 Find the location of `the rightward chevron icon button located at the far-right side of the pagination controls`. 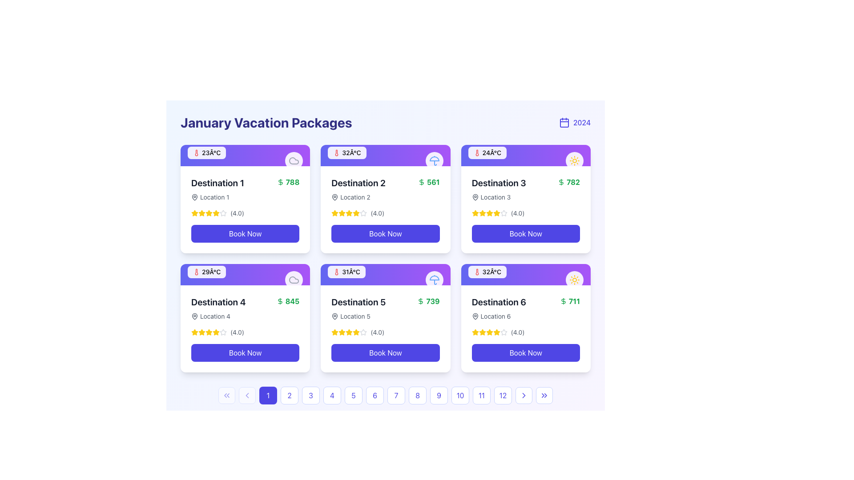

the rightward chevron icon button located at the far-right side of the pagination controls is located at coordinates (524, 395).